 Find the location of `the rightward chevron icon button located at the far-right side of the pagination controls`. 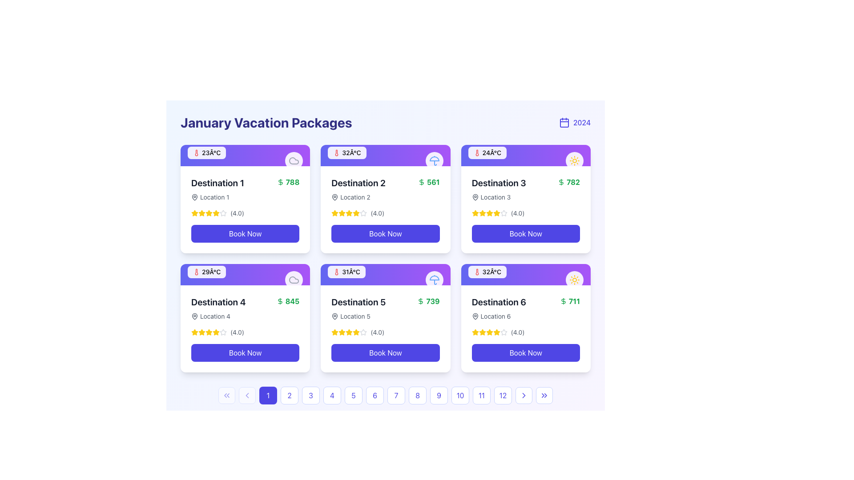

the rightward chevron icon button located at the far-right side of the pagination controls is located at coordinates (524, 395).